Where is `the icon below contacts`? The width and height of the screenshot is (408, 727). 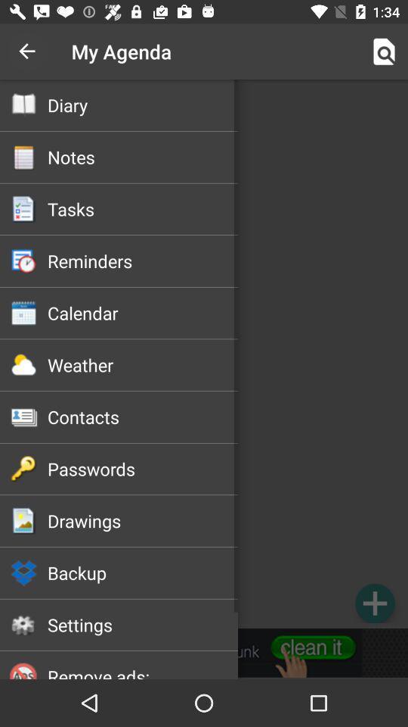
the icon below contacts is located at coordinates (143, 468).